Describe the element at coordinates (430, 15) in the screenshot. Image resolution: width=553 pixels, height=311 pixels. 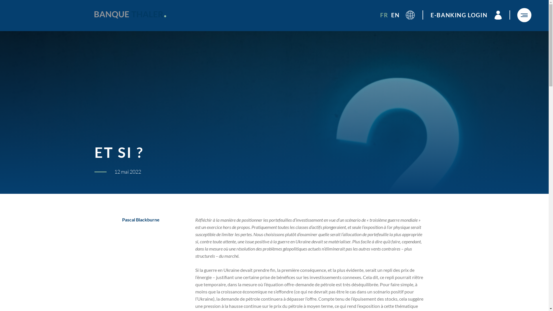
I see `'E-BANKING LOGIN'` at that location.